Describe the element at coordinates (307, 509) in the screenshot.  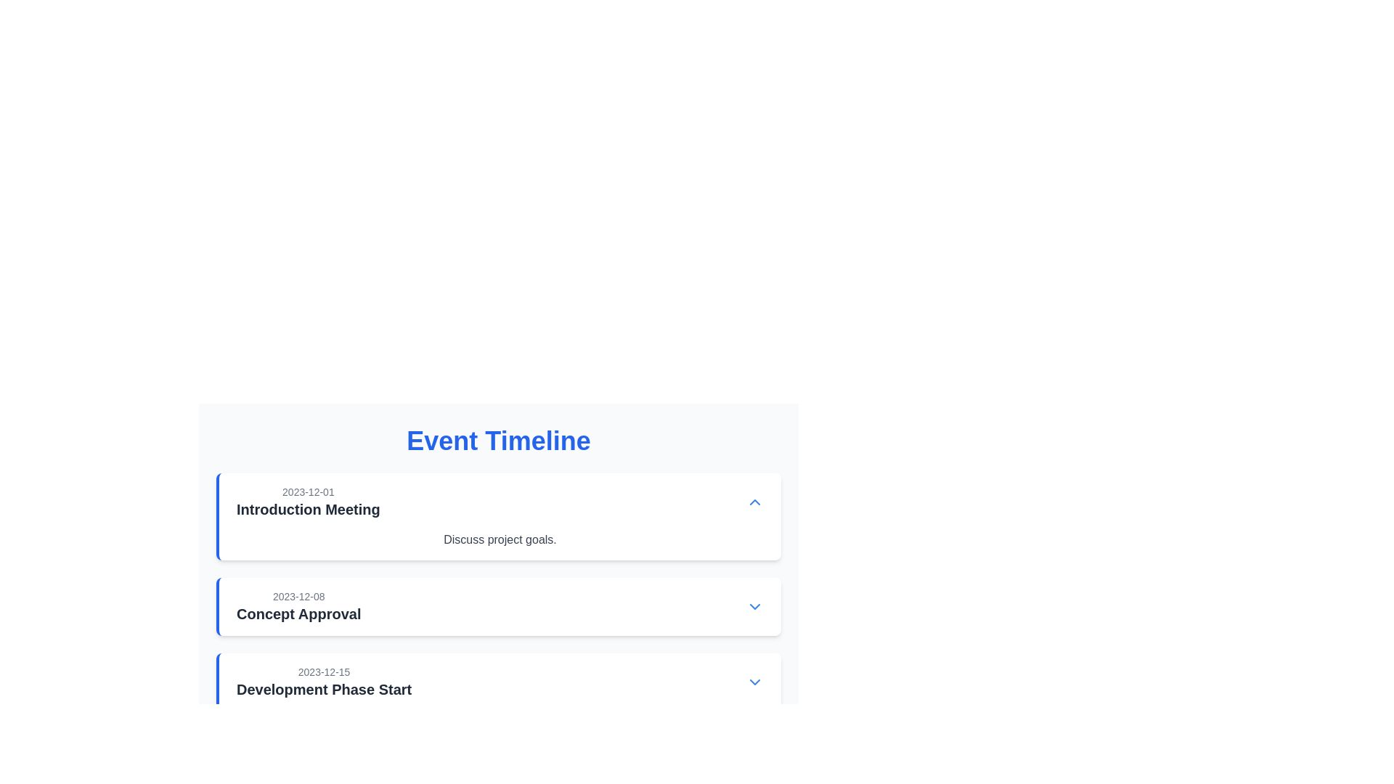
I see `the static text element displaying 'Introduction Meeting', which is positioned below the date text '2023-12-01' in the Event Timeline section` at that location.